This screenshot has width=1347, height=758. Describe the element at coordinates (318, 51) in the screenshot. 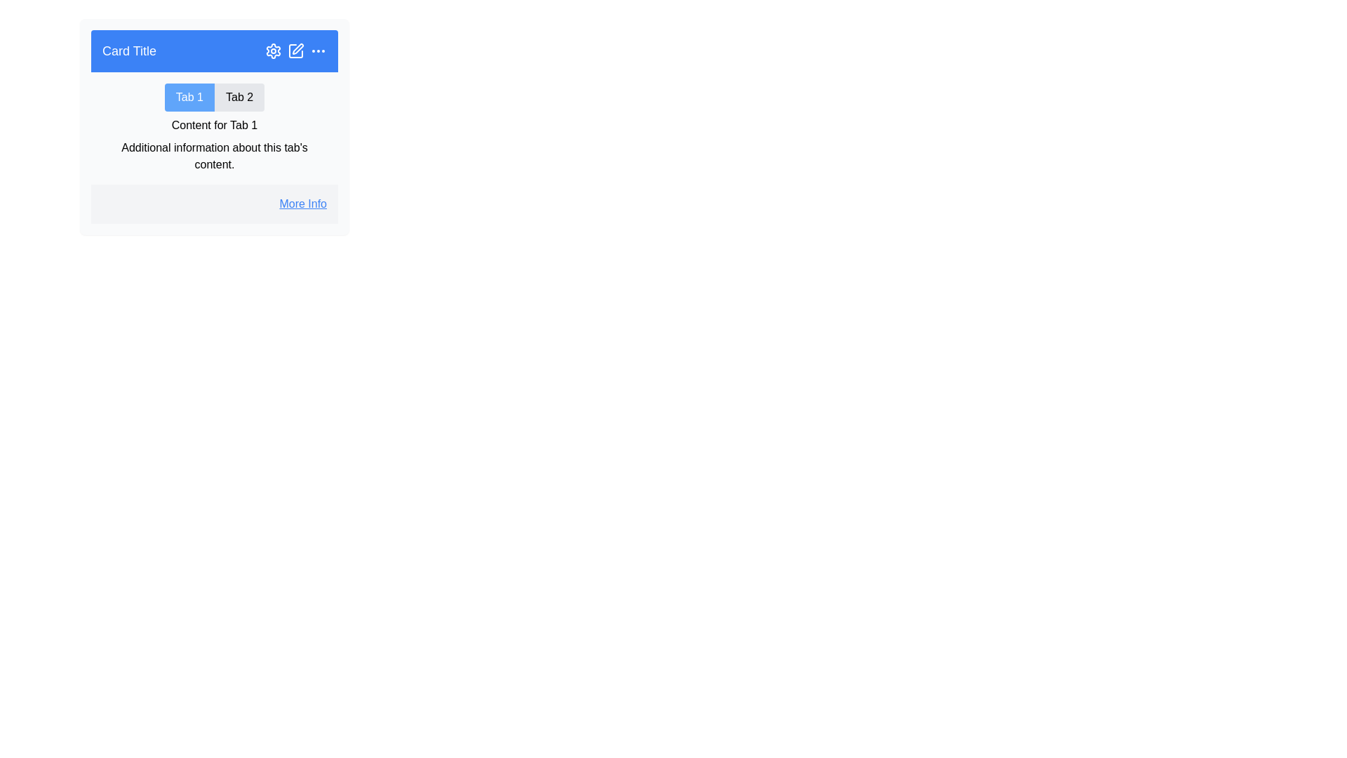

I see `the ellipsis icon in the top-right corner of the blue bar of the card` at that location.